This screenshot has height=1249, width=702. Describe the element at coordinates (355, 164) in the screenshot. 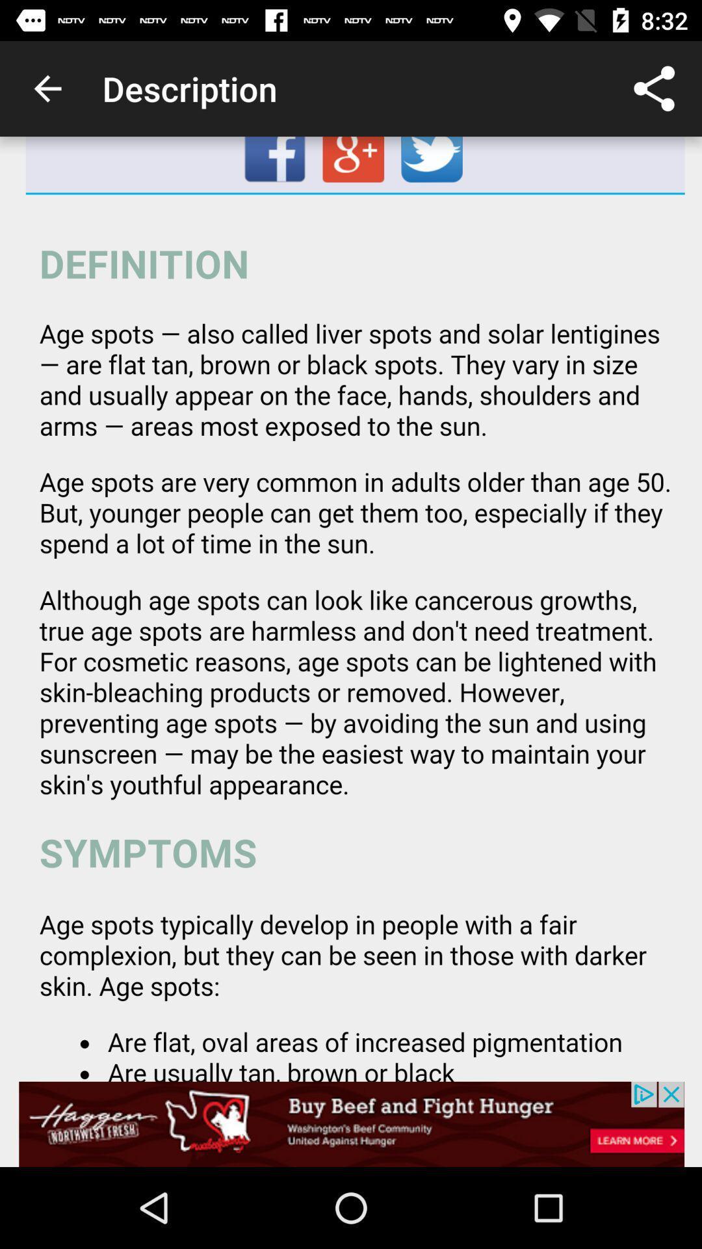

I see `google` at that location.